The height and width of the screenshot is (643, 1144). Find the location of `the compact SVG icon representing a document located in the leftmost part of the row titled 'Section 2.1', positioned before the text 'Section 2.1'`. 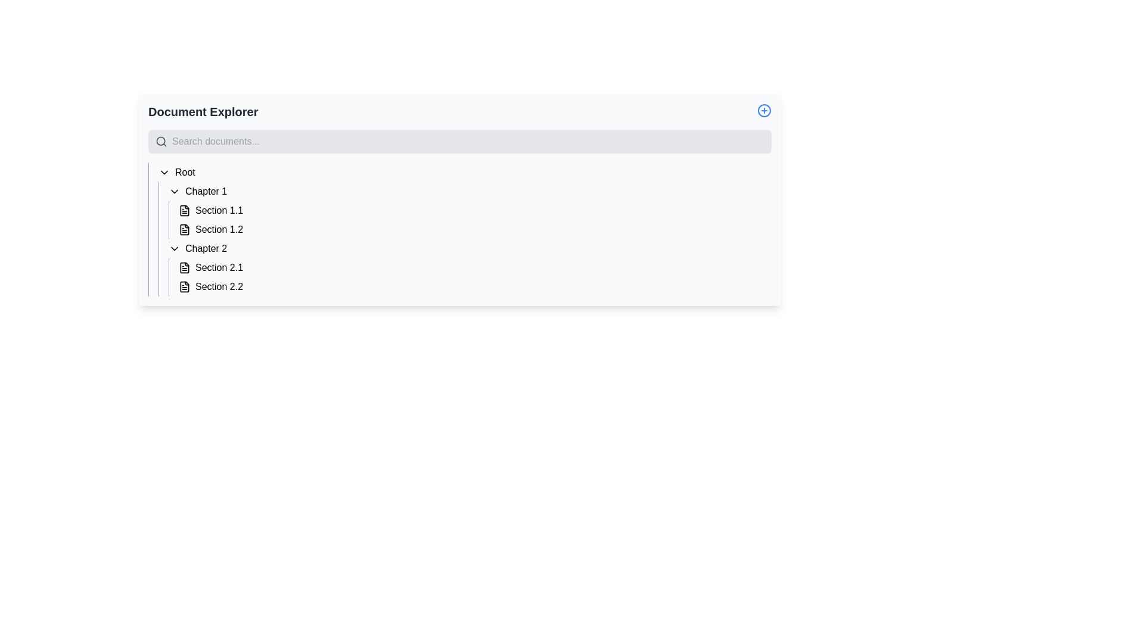

the compact SVG icon representing a document located in the leftmost part of the row titled 'Section 2.1', positioned before the text 'Section 2.1' is located at coordinates (184, 268).